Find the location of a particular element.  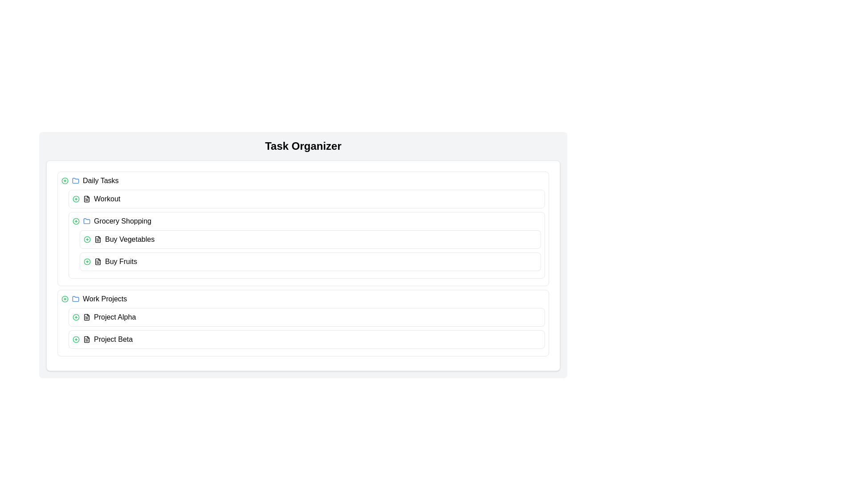

the green circular button with a plus symbol located next to the text 'Buy Vegetables' in the 'Daily Tasks' > 'Grocery Shopping' category is located at coordinates (87, 239).